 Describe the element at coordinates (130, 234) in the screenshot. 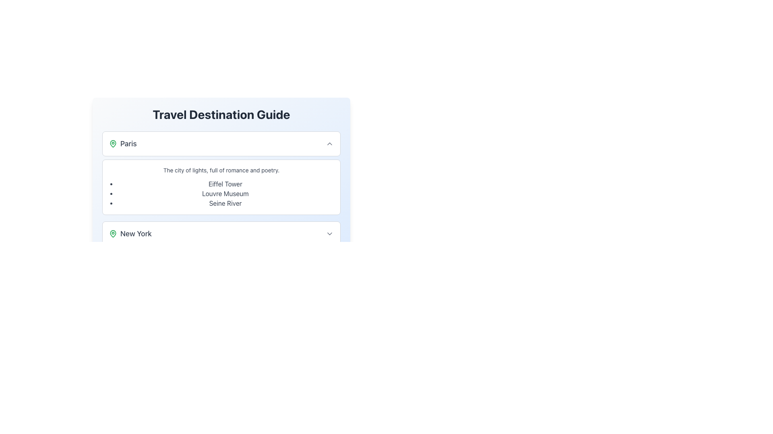

I see `the 'New York' text label with an accompanying icon` at that location.